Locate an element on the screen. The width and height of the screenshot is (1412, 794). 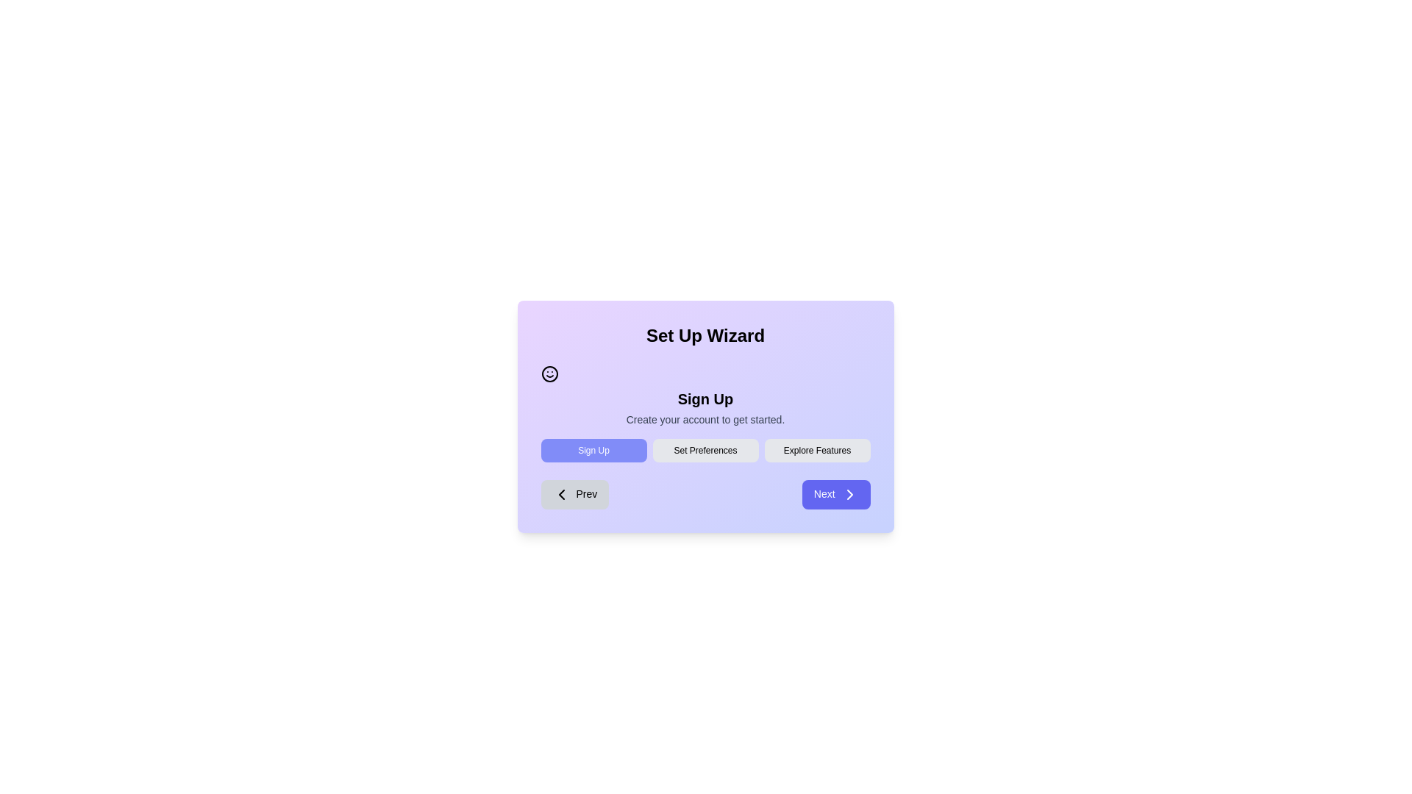
the leftmost button labeled 'Sign Up' to proceed to the next step in creating an account is located at coordinates (593, 450).